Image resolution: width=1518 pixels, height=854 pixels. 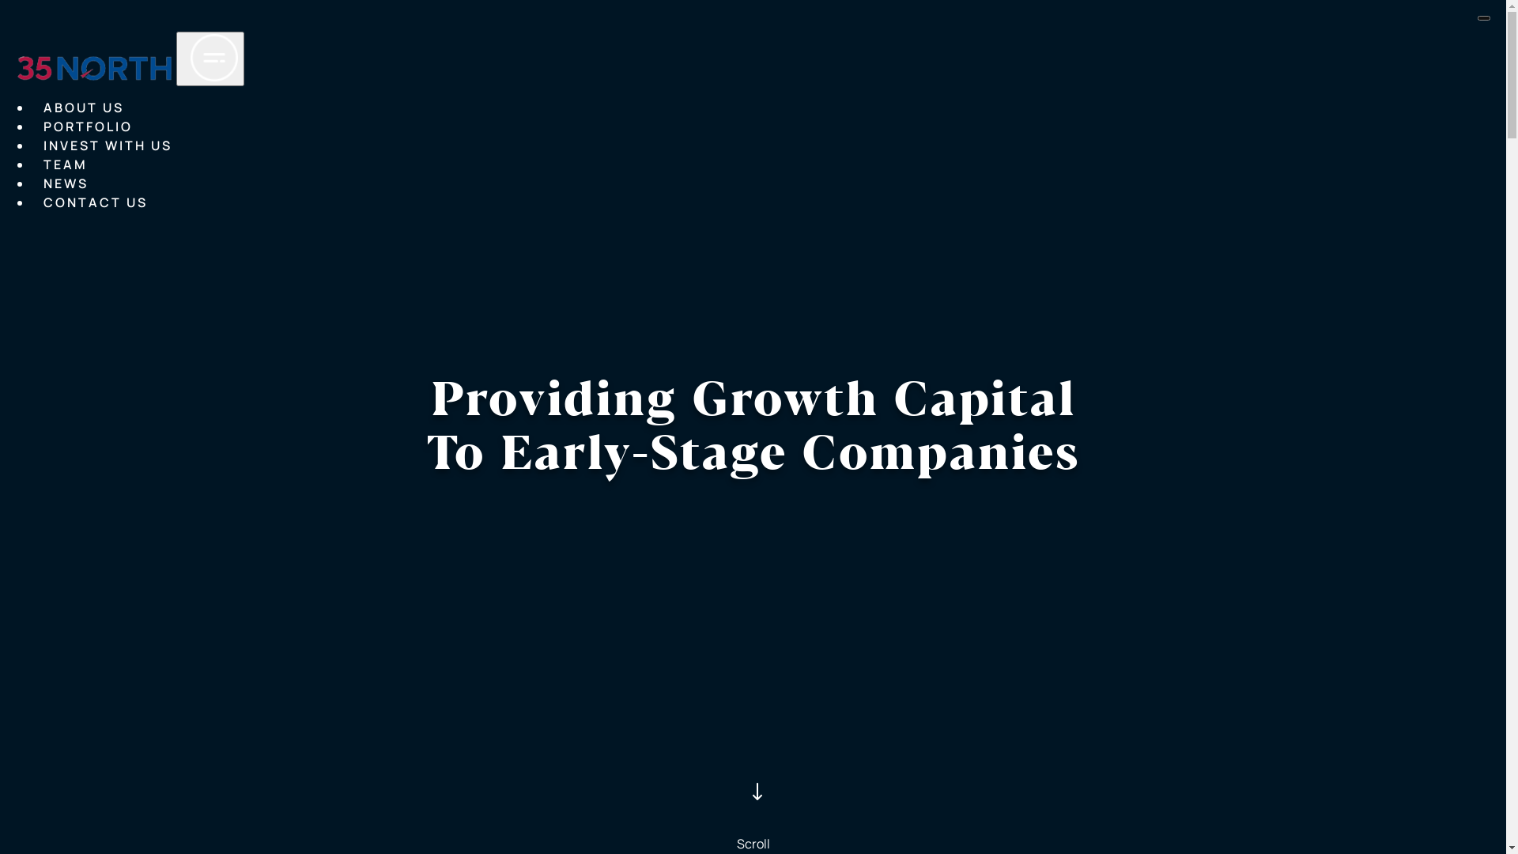 I want to click on 'PORTFOLIO', so click(x=43, y=127).